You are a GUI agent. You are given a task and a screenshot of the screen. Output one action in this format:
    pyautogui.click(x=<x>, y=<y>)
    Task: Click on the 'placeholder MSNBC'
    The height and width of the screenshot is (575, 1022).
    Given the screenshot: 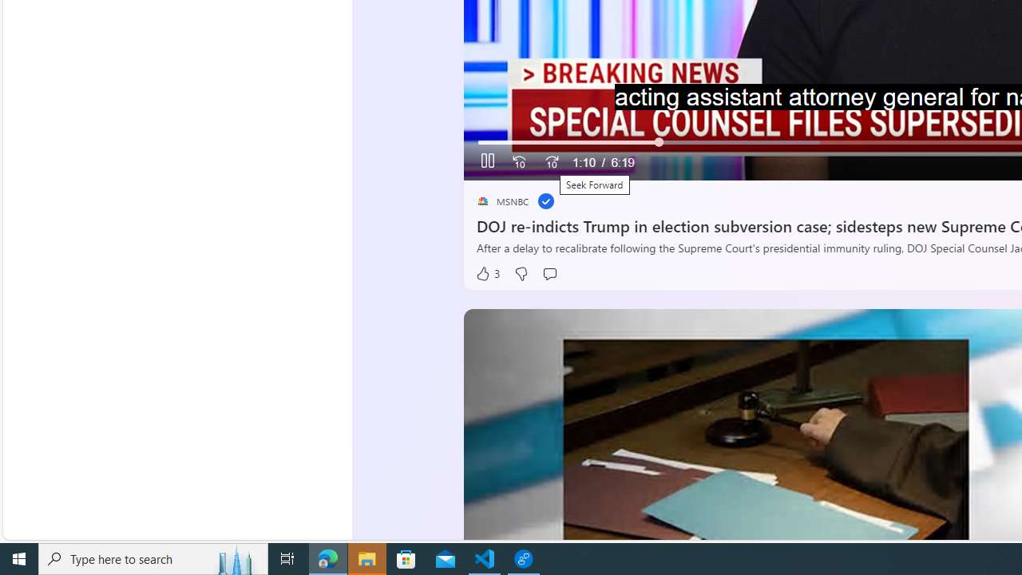 What is the action you would take?
    pyautogui.click(x=501, y=200)
    